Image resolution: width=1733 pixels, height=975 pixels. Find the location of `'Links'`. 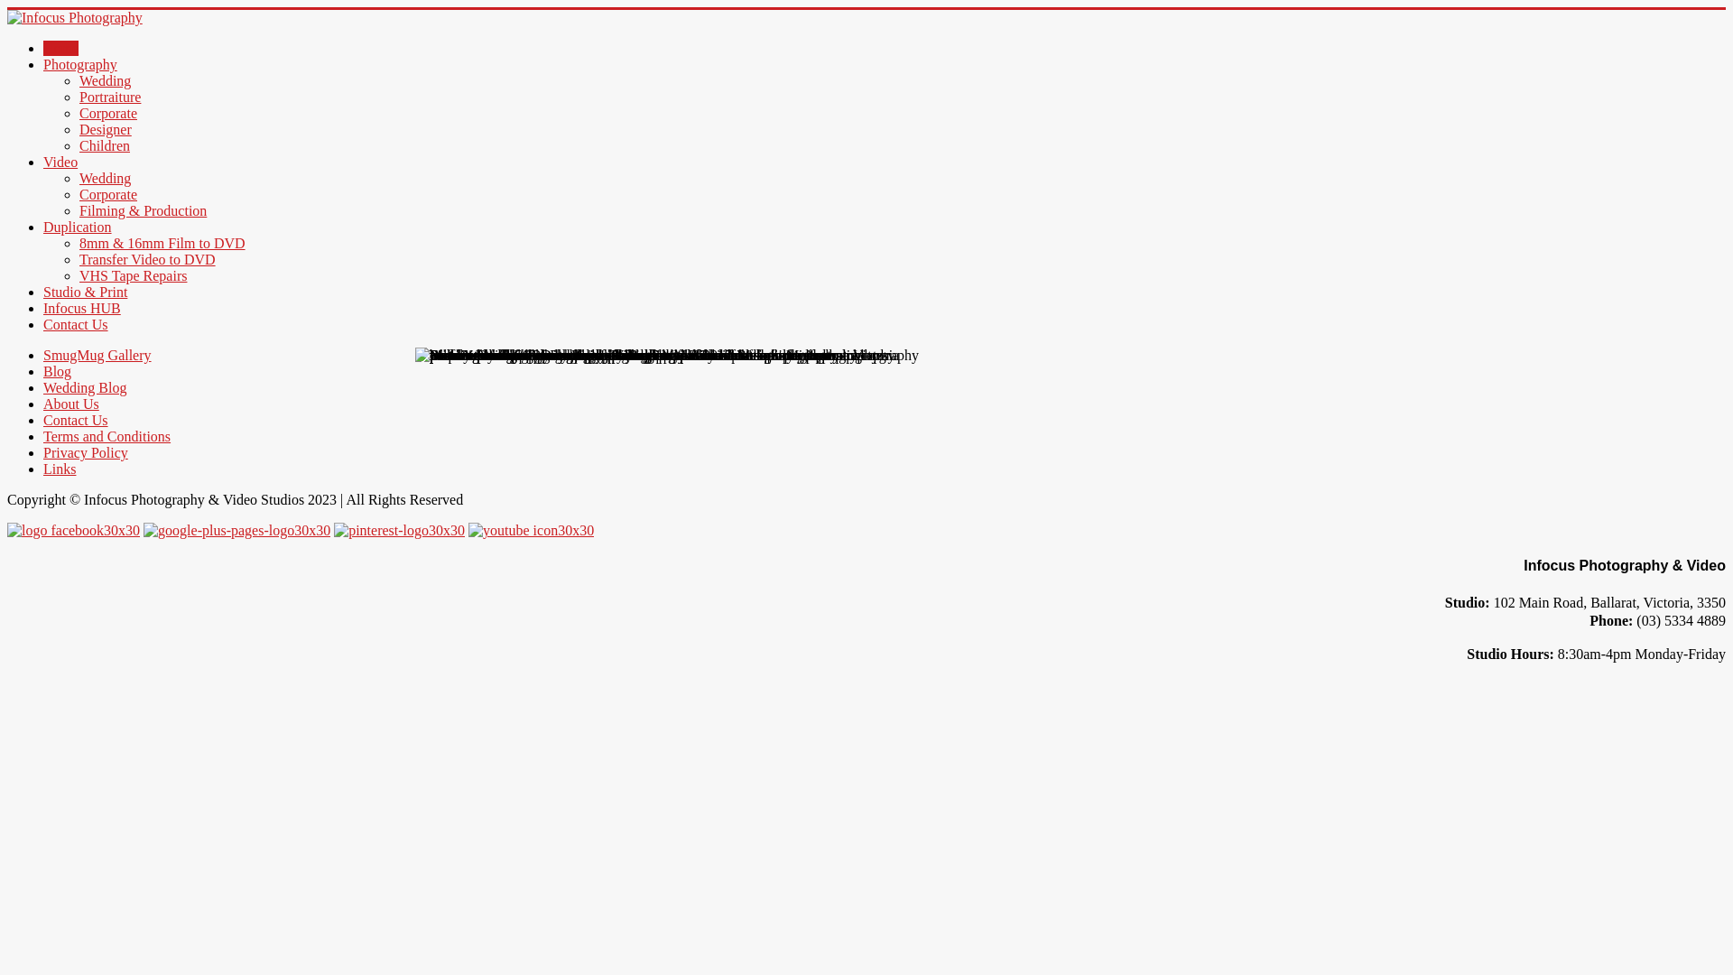

'Links' is located at coordinates (60, 468).